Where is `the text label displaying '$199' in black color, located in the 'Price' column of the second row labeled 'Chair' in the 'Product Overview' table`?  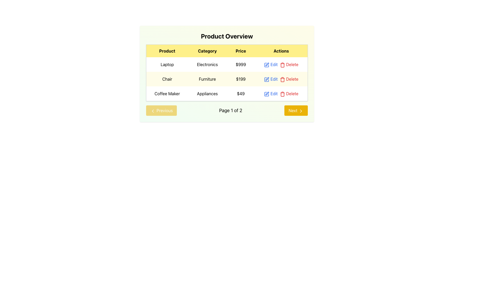
the text label displaying '$199' in black color, located in the 'Price' column of the second row labeled 'Chair' in the 'Product Overview' table is located at coordinates (240, 79).